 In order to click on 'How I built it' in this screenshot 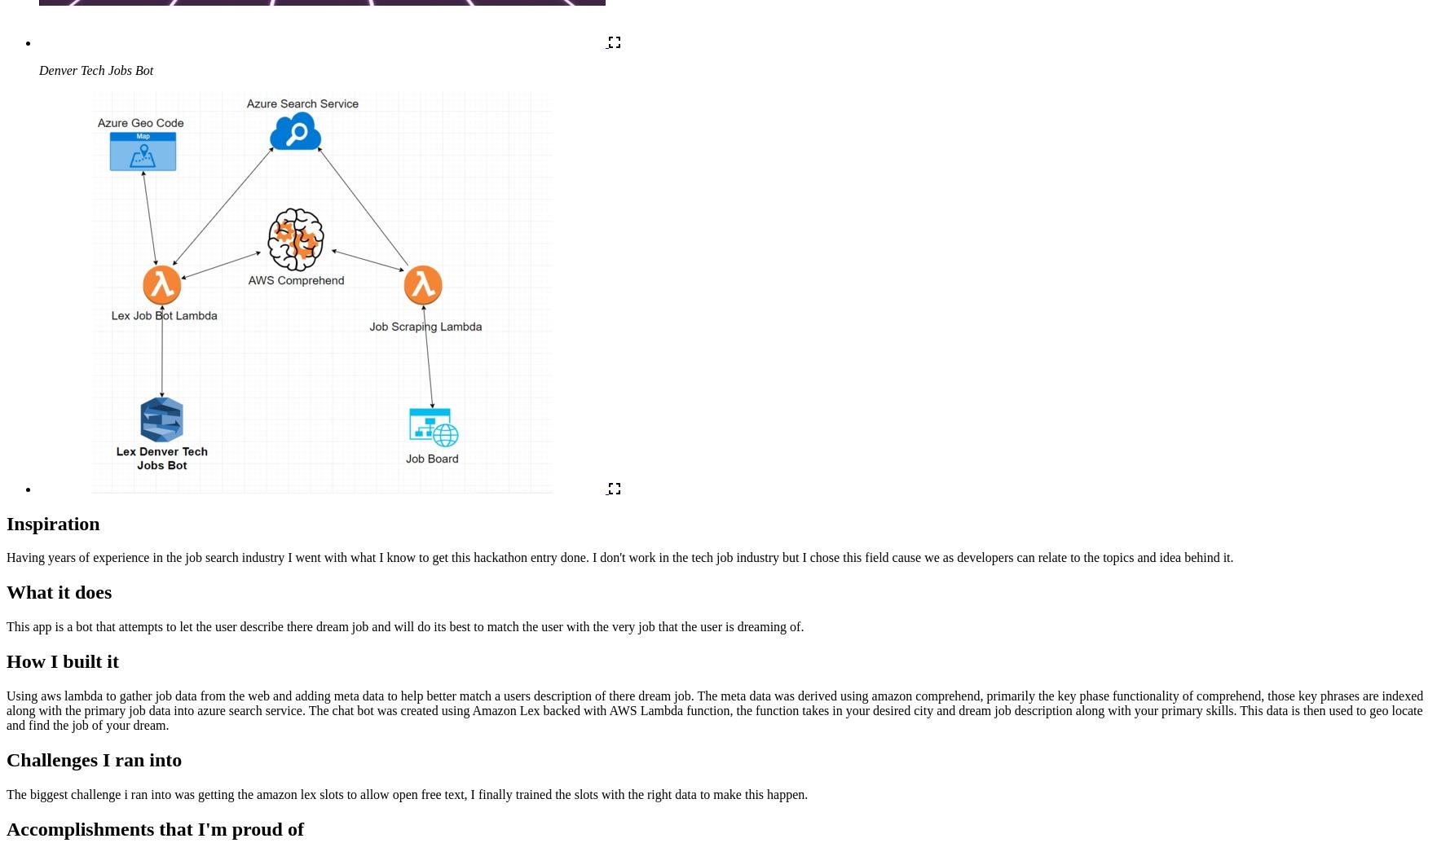, I will do `click(63, 661)`.